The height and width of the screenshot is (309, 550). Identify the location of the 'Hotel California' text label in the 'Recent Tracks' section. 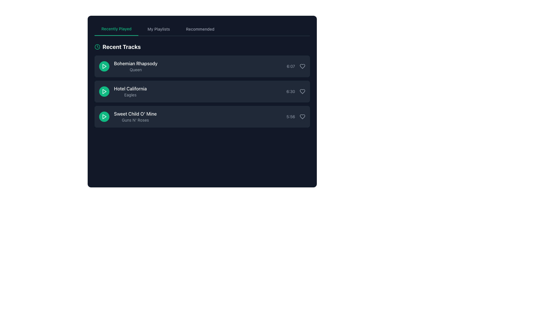
(130, 91).